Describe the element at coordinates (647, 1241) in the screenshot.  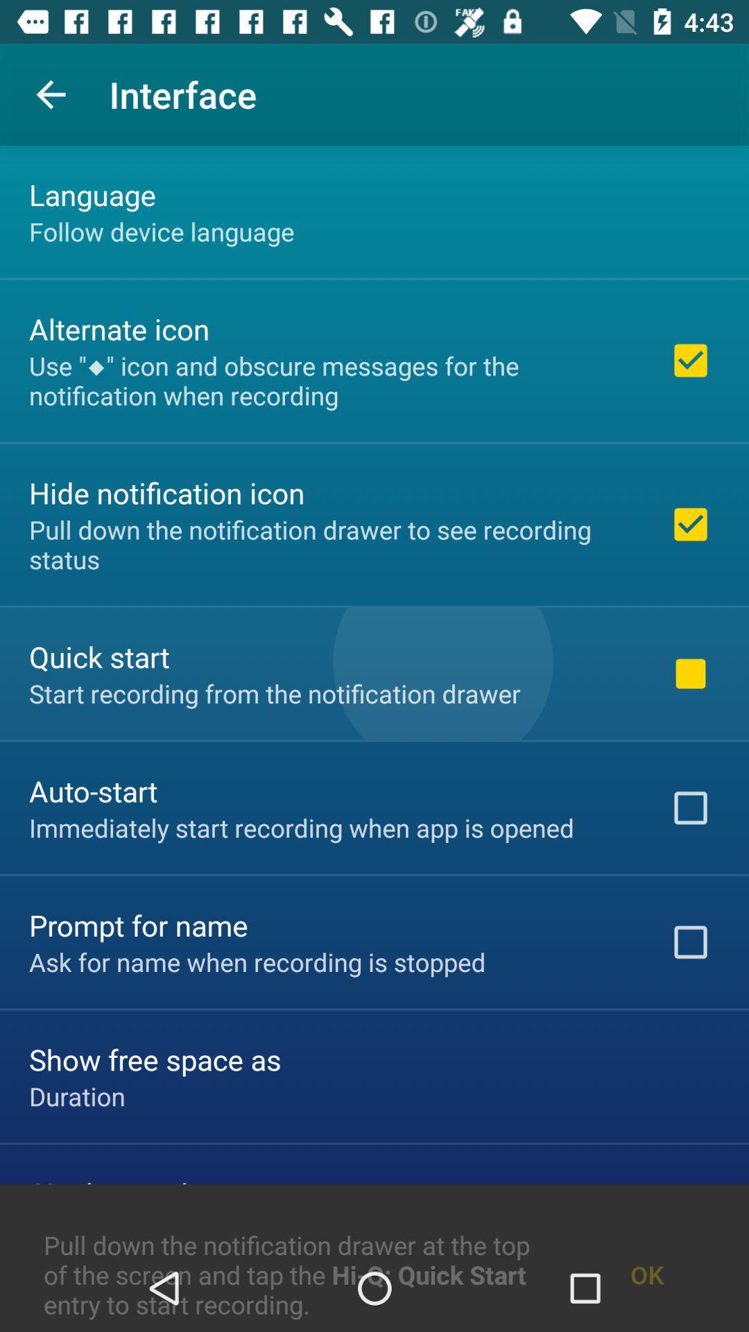
I see `the item to the right of the pull down the icon` at that location.